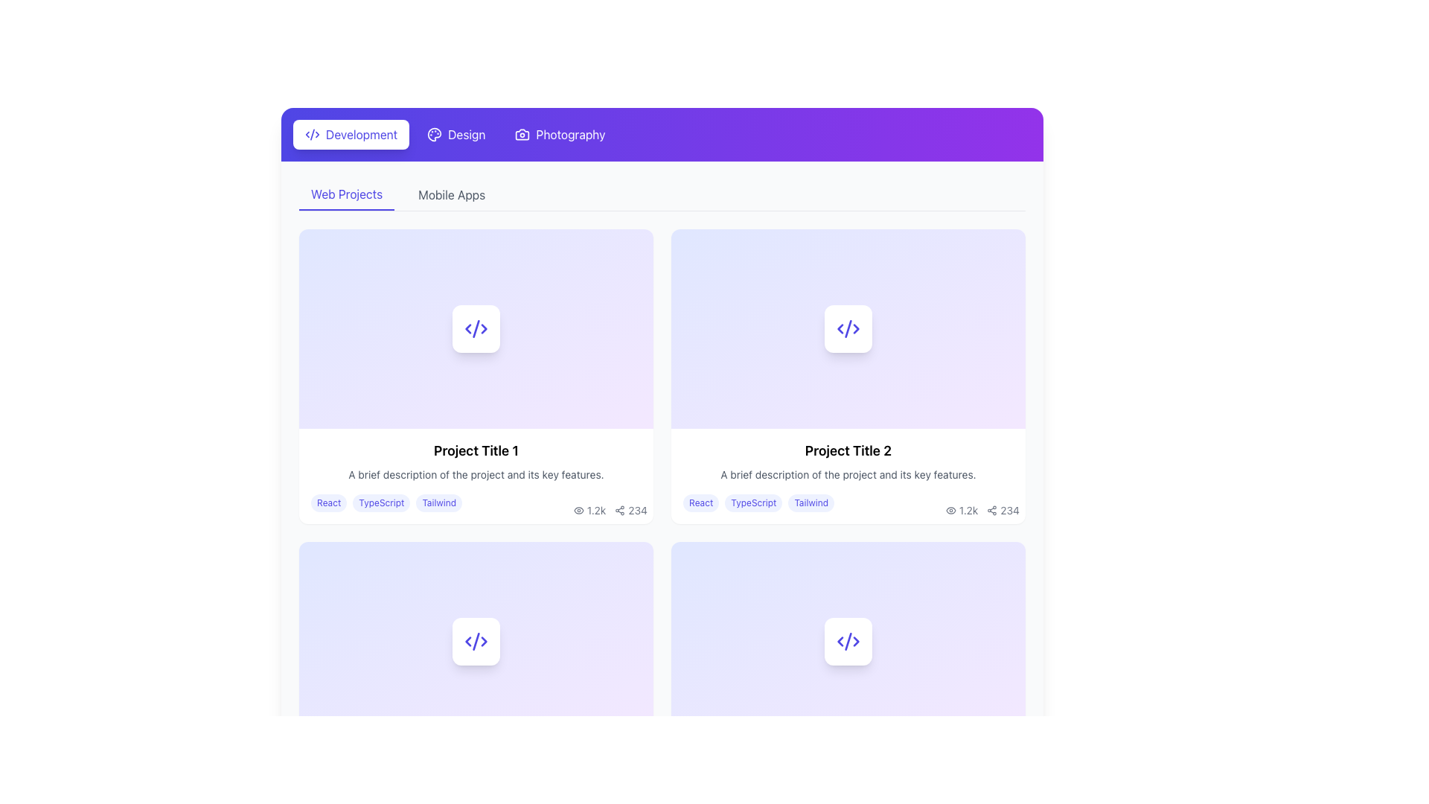  I want to click on the 'Design' navigation button using keyboard navigation, so click(455, 135).